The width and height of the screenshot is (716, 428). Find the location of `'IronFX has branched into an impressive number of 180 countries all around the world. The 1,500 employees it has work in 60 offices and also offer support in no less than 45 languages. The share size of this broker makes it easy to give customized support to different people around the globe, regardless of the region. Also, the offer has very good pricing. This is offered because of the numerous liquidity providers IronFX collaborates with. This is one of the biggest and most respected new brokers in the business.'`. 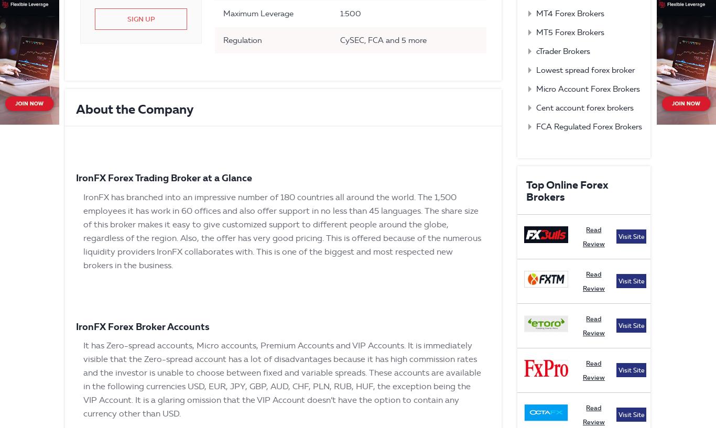

'IronFX has branched into an impressive number of 180 countries all around the world. The 1,500 employees it has work in 60 offices and also offer support in no less than 45 languages. The share size of this broker makes it easy to give customized support to different people around the globe, regardless of the region. Also, the offer has very good pricing. This is offered because of the numerous liquidity providers IronFX collaborates with. This is one of the biggest and most respected new brokers in the business.' is located at coordinates (282, 231).